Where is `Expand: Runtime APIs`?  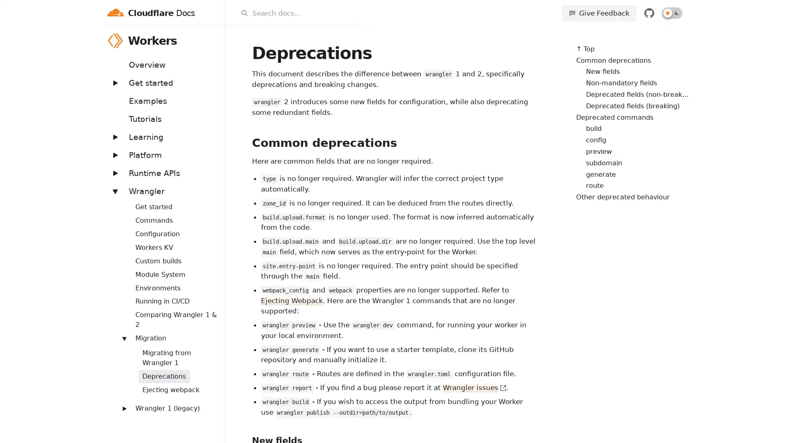
Expand: Runtime APIs is located at coordinates (114, 172).